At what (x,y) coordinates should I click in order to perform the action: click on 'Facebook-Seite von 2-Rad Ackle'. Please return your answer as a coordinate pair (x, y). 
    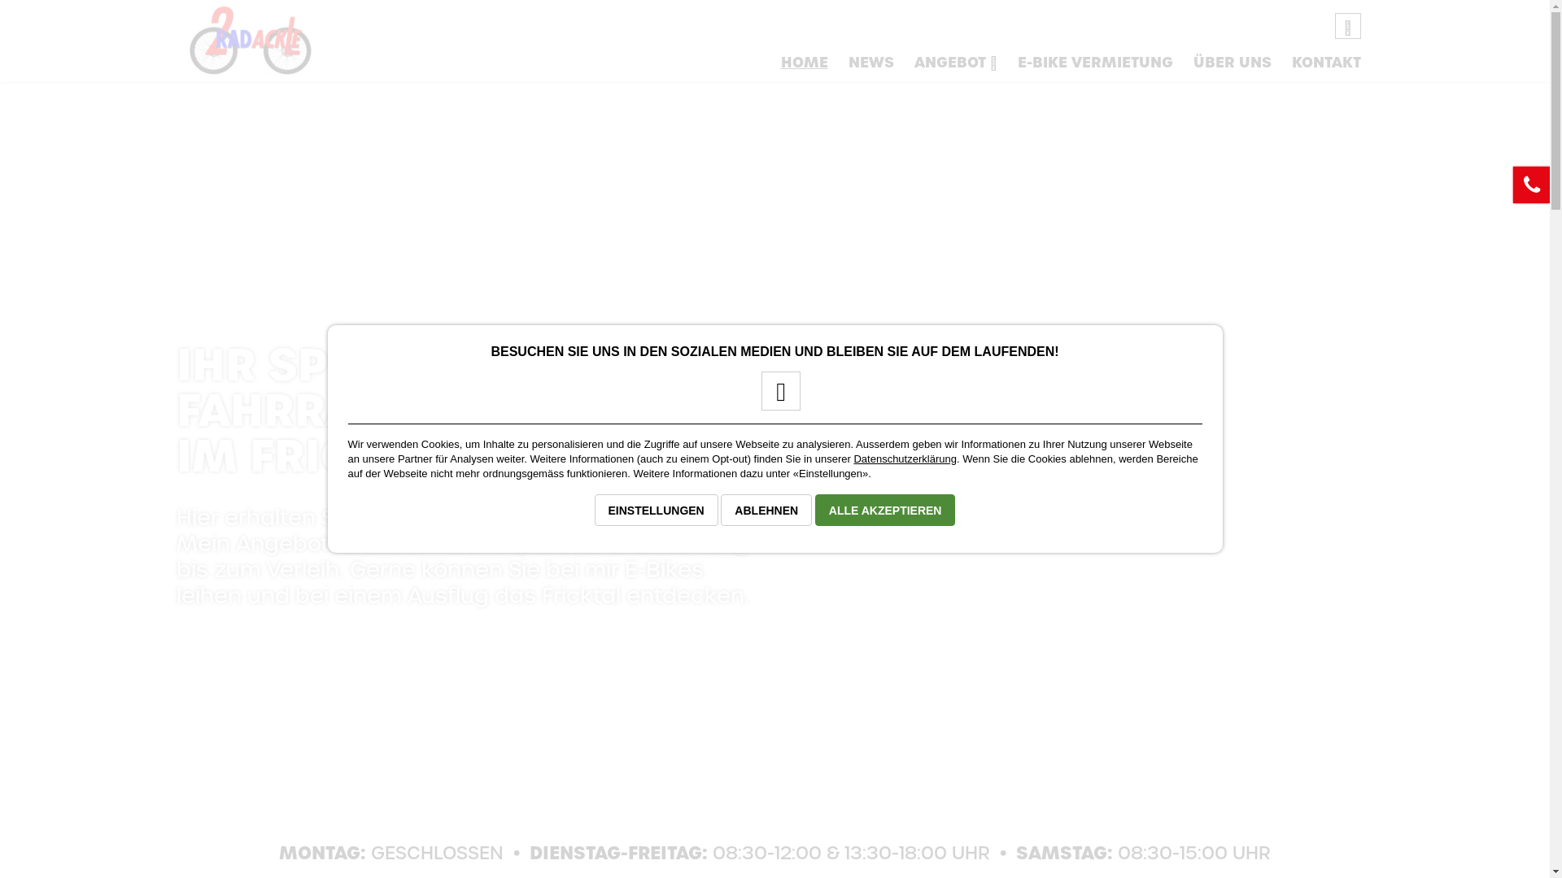
    Looking at the image, I should click on (774, 397).